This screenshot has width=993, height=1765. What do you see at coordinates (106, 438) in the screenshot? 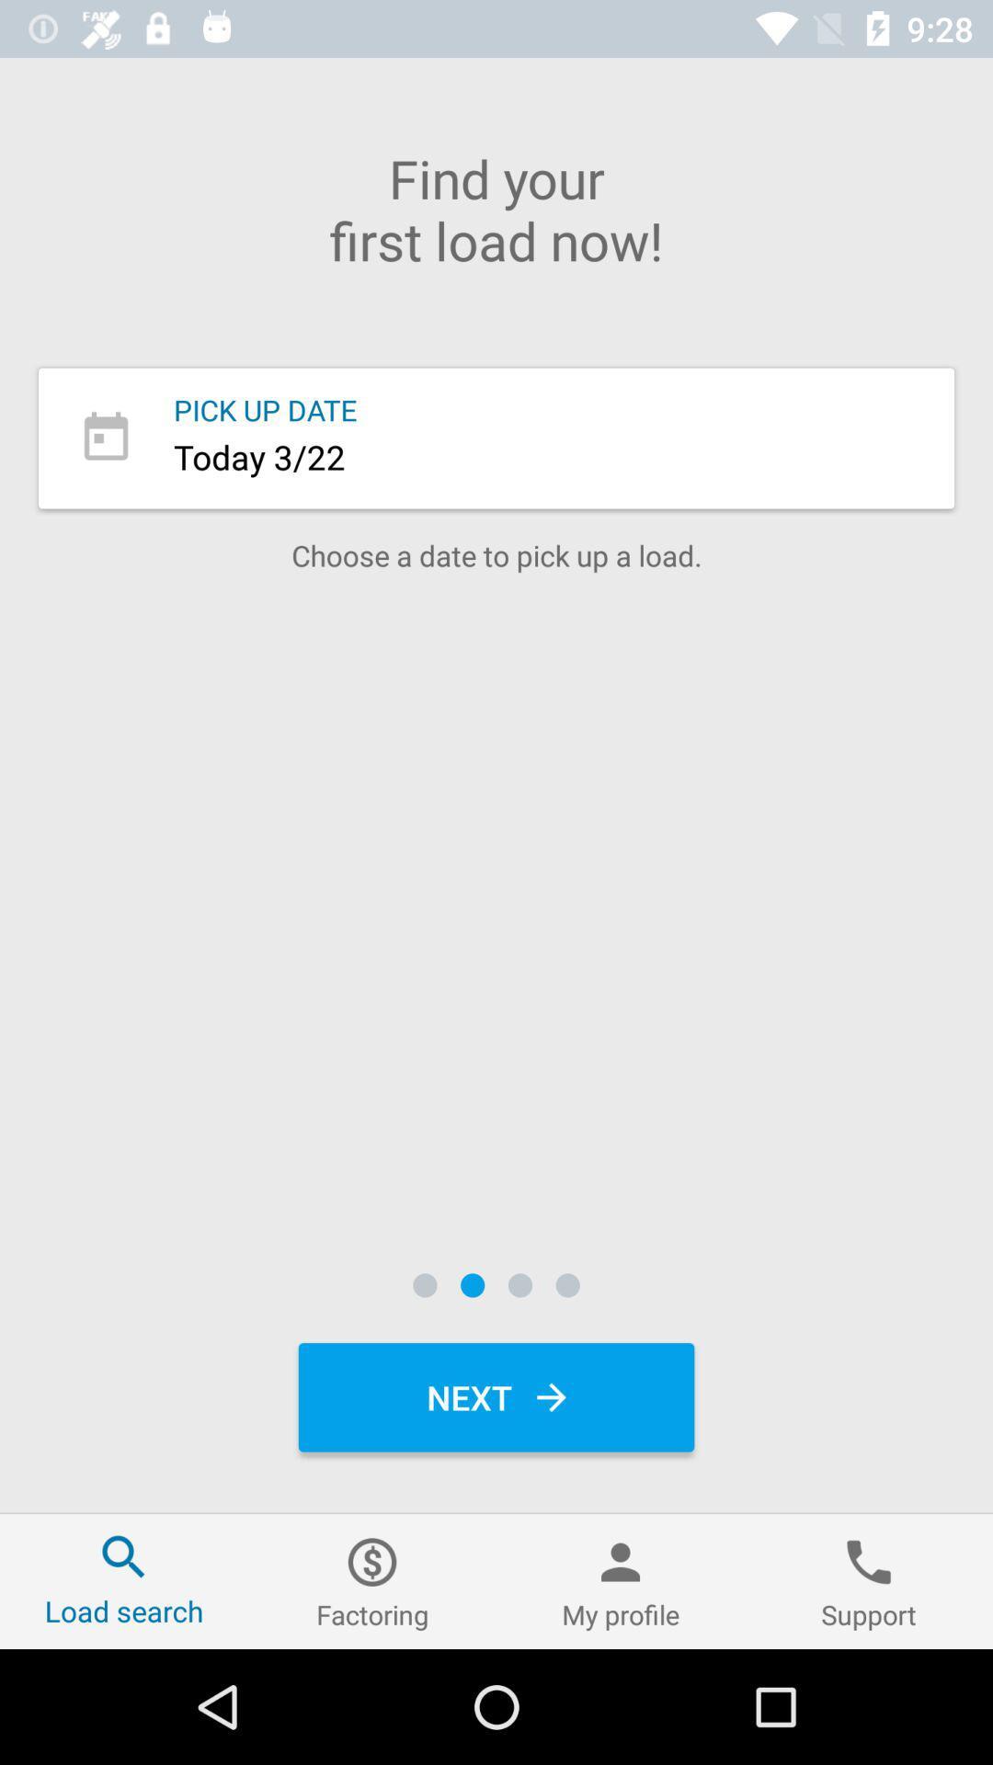
I see `icon on the left side of pick up date` at bounding box center [106, 438].